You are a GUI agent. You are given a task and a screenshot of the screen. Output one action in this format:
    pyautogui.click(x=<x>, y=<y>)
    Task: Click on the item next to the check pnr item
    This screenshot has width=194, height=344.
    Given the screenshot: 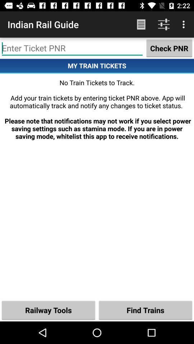 What is the action you would take?
    pyautogui.click(x=72, y=48)
    